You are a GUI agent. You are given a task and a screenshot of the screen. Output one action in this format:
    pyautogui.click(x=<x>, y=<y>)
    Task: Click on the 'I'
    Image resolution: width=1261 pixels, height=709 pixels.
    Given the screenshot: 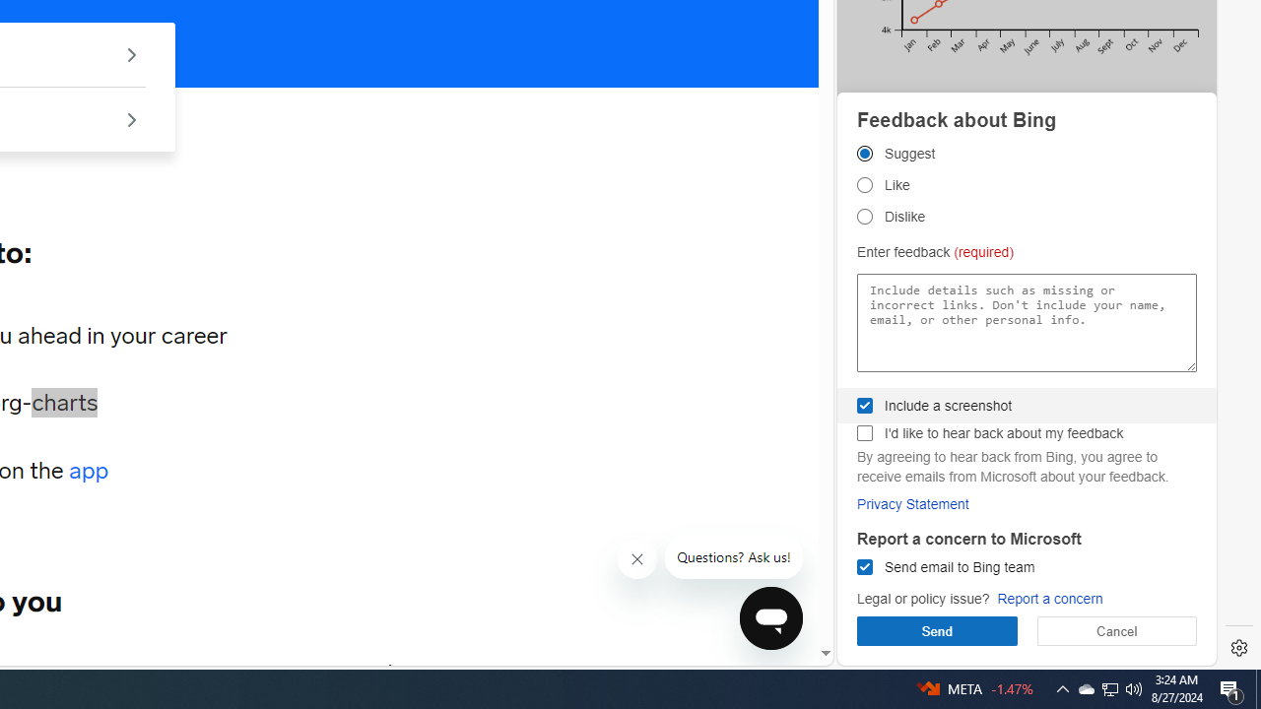 What is the action you would take?
    pyautogui.click(x=865, y=431)
    